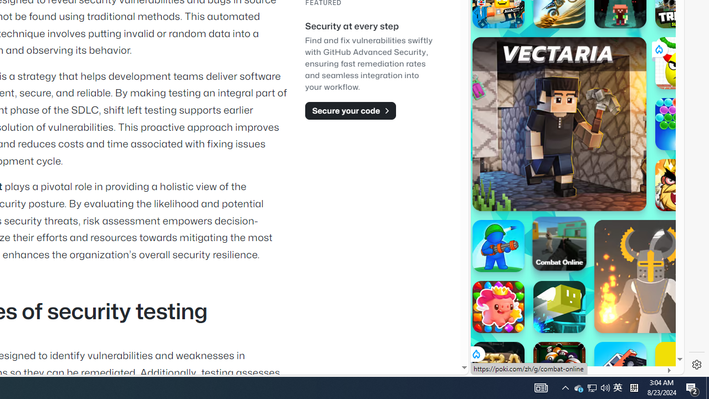 The width and height of the screenshot is (709, 399). I want to click on '8 Ball Pool With Buddies 8 Ball Pool With Buddies', so click(559, 368).